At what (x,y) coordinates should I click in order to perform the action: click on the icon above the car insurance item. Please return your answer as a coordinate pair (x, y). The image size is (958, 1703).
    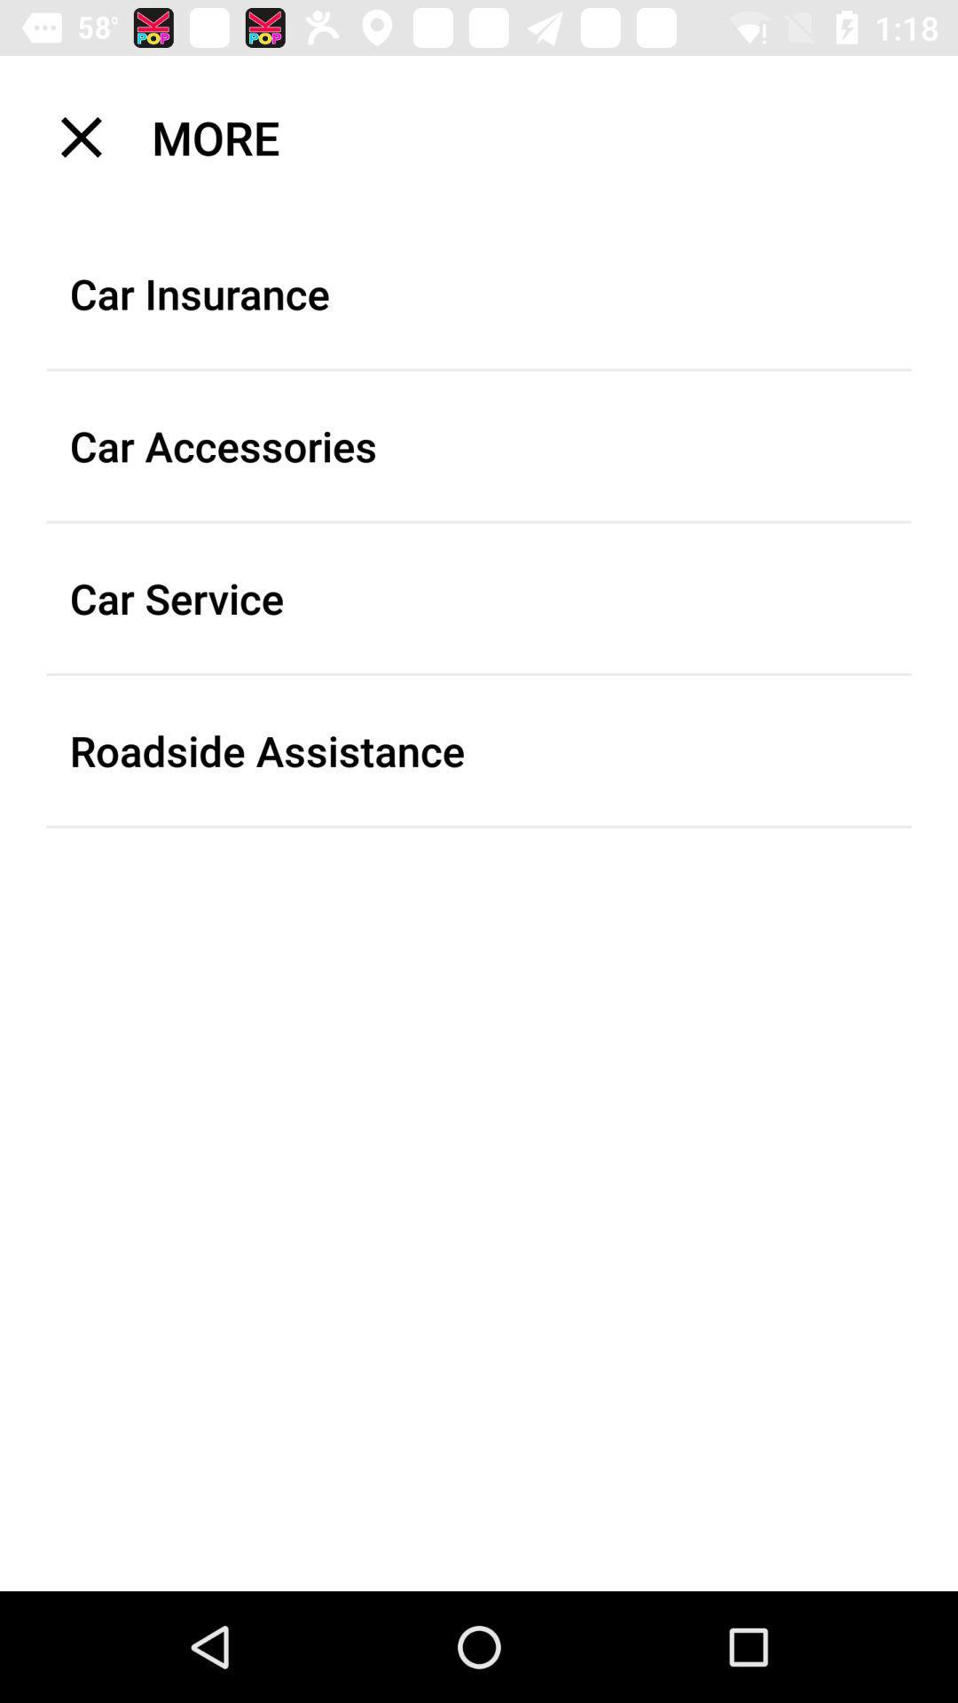
    Looking at the image, I should click on (491, 136).